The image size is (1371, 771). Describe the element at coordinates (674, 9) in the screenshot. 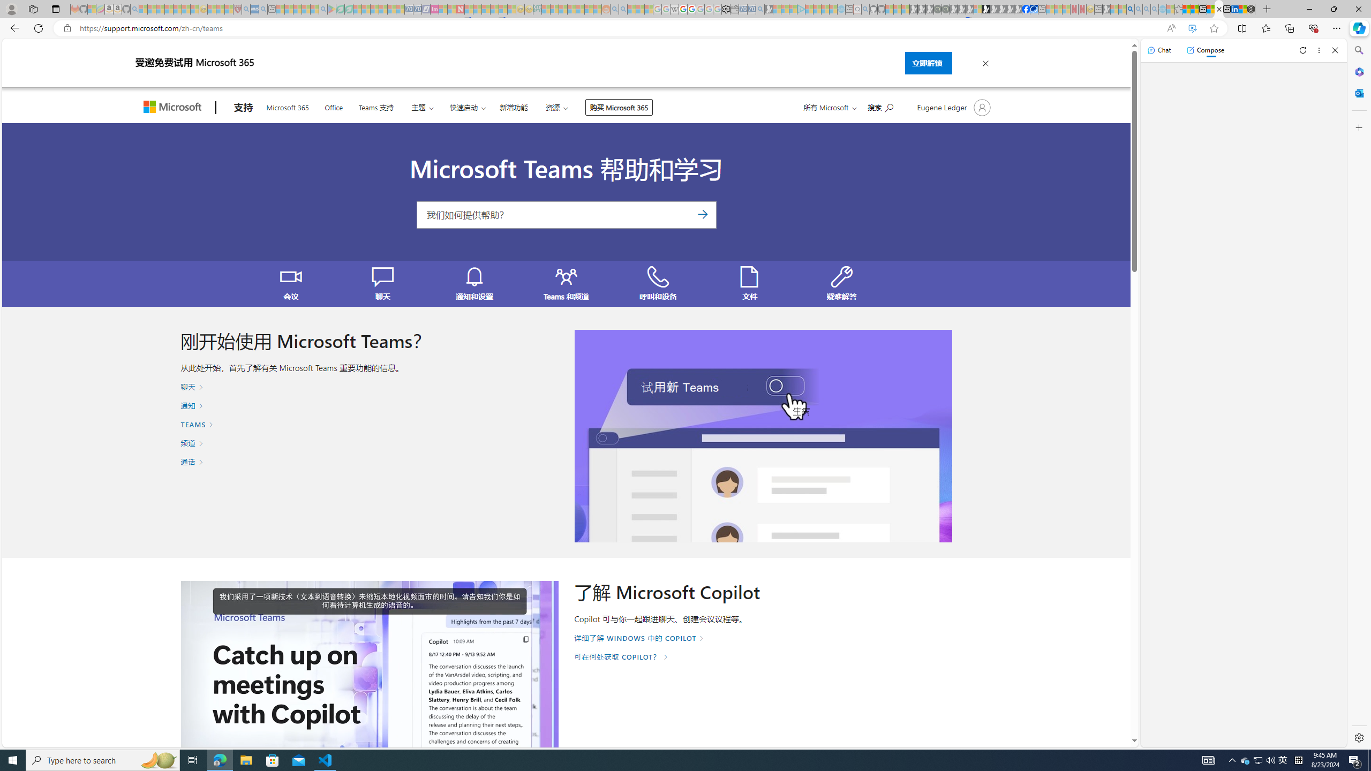

I see `'Target page - Wikipedia - Sleeping'` at that location.